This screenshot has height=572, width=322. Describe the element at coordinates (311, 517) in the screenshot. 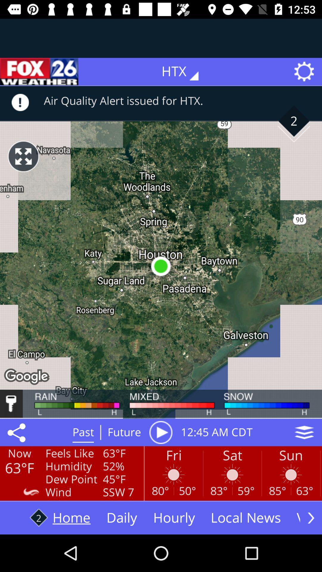

I see `icon to the right of video item` at that location.